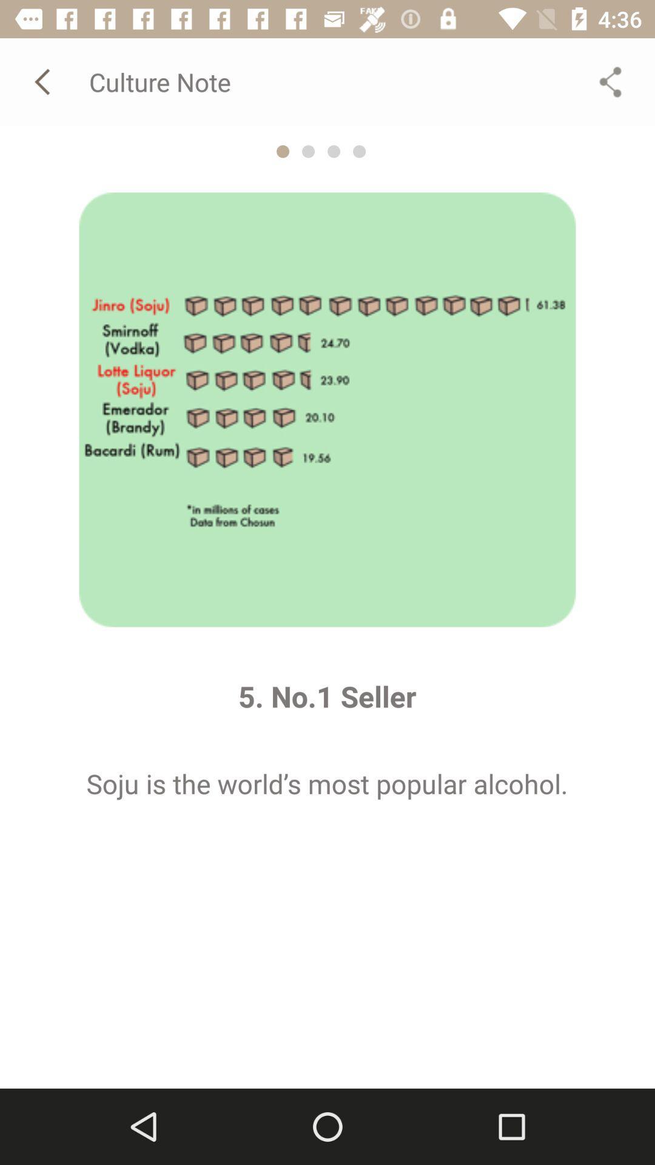 This screenshot has height=1165, width=655. I want to click on the arrow_backward icon, so click(44, 81).